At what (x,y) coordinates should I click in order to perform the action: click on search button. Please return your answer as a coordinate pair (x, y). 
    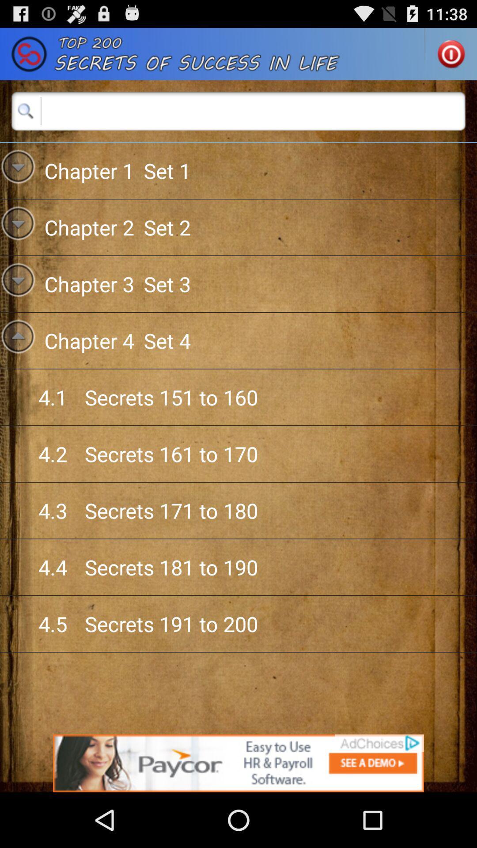
    Looking at the image, I should click on (238, 110).